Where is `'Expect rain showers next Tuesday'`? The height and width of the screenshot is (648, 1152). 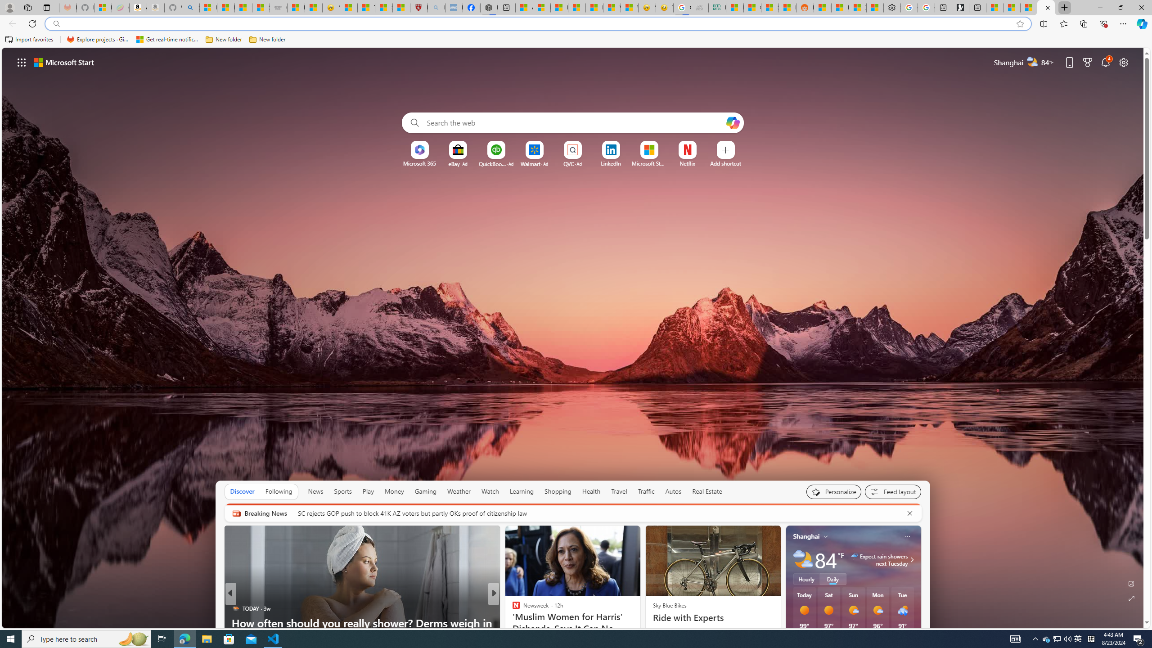
'Expect rain showers next Tuesday' is located at coordinates (910, 560).